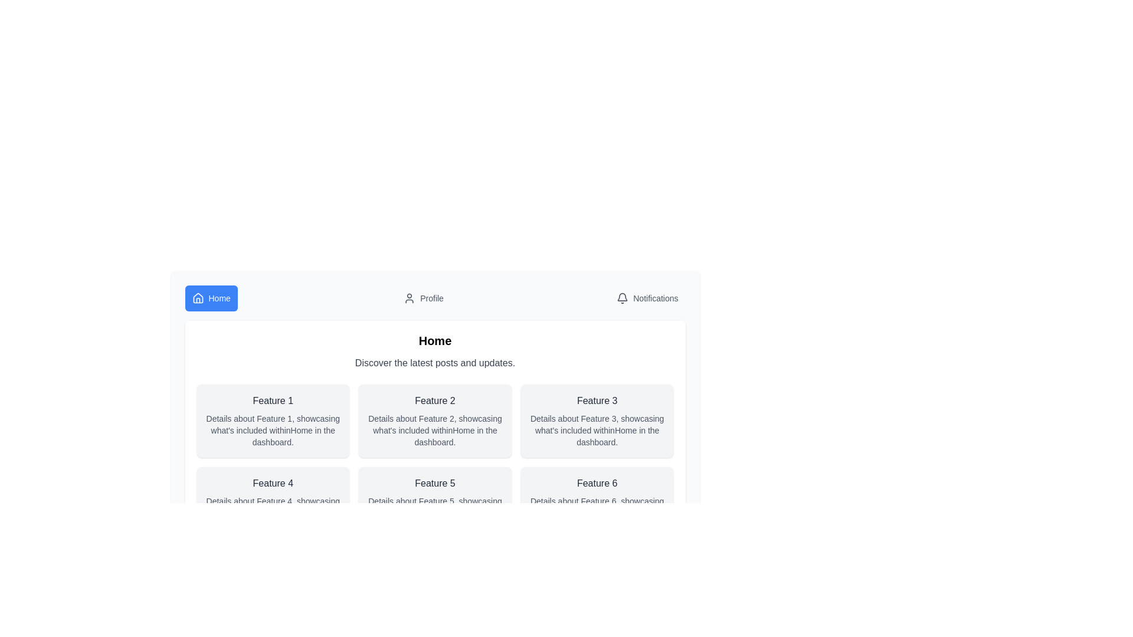  I want to click on the Informational card titled 'Feature 3', which is the third card in the top row of a 3-column grid layout, so click(597, 420).